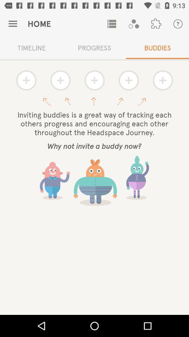 This screenshot has width=189, height=337. What do you see at coordinates (112, 24) in the screenshot?
I see `item to the right of home icon` at bounding box center [112, 24].